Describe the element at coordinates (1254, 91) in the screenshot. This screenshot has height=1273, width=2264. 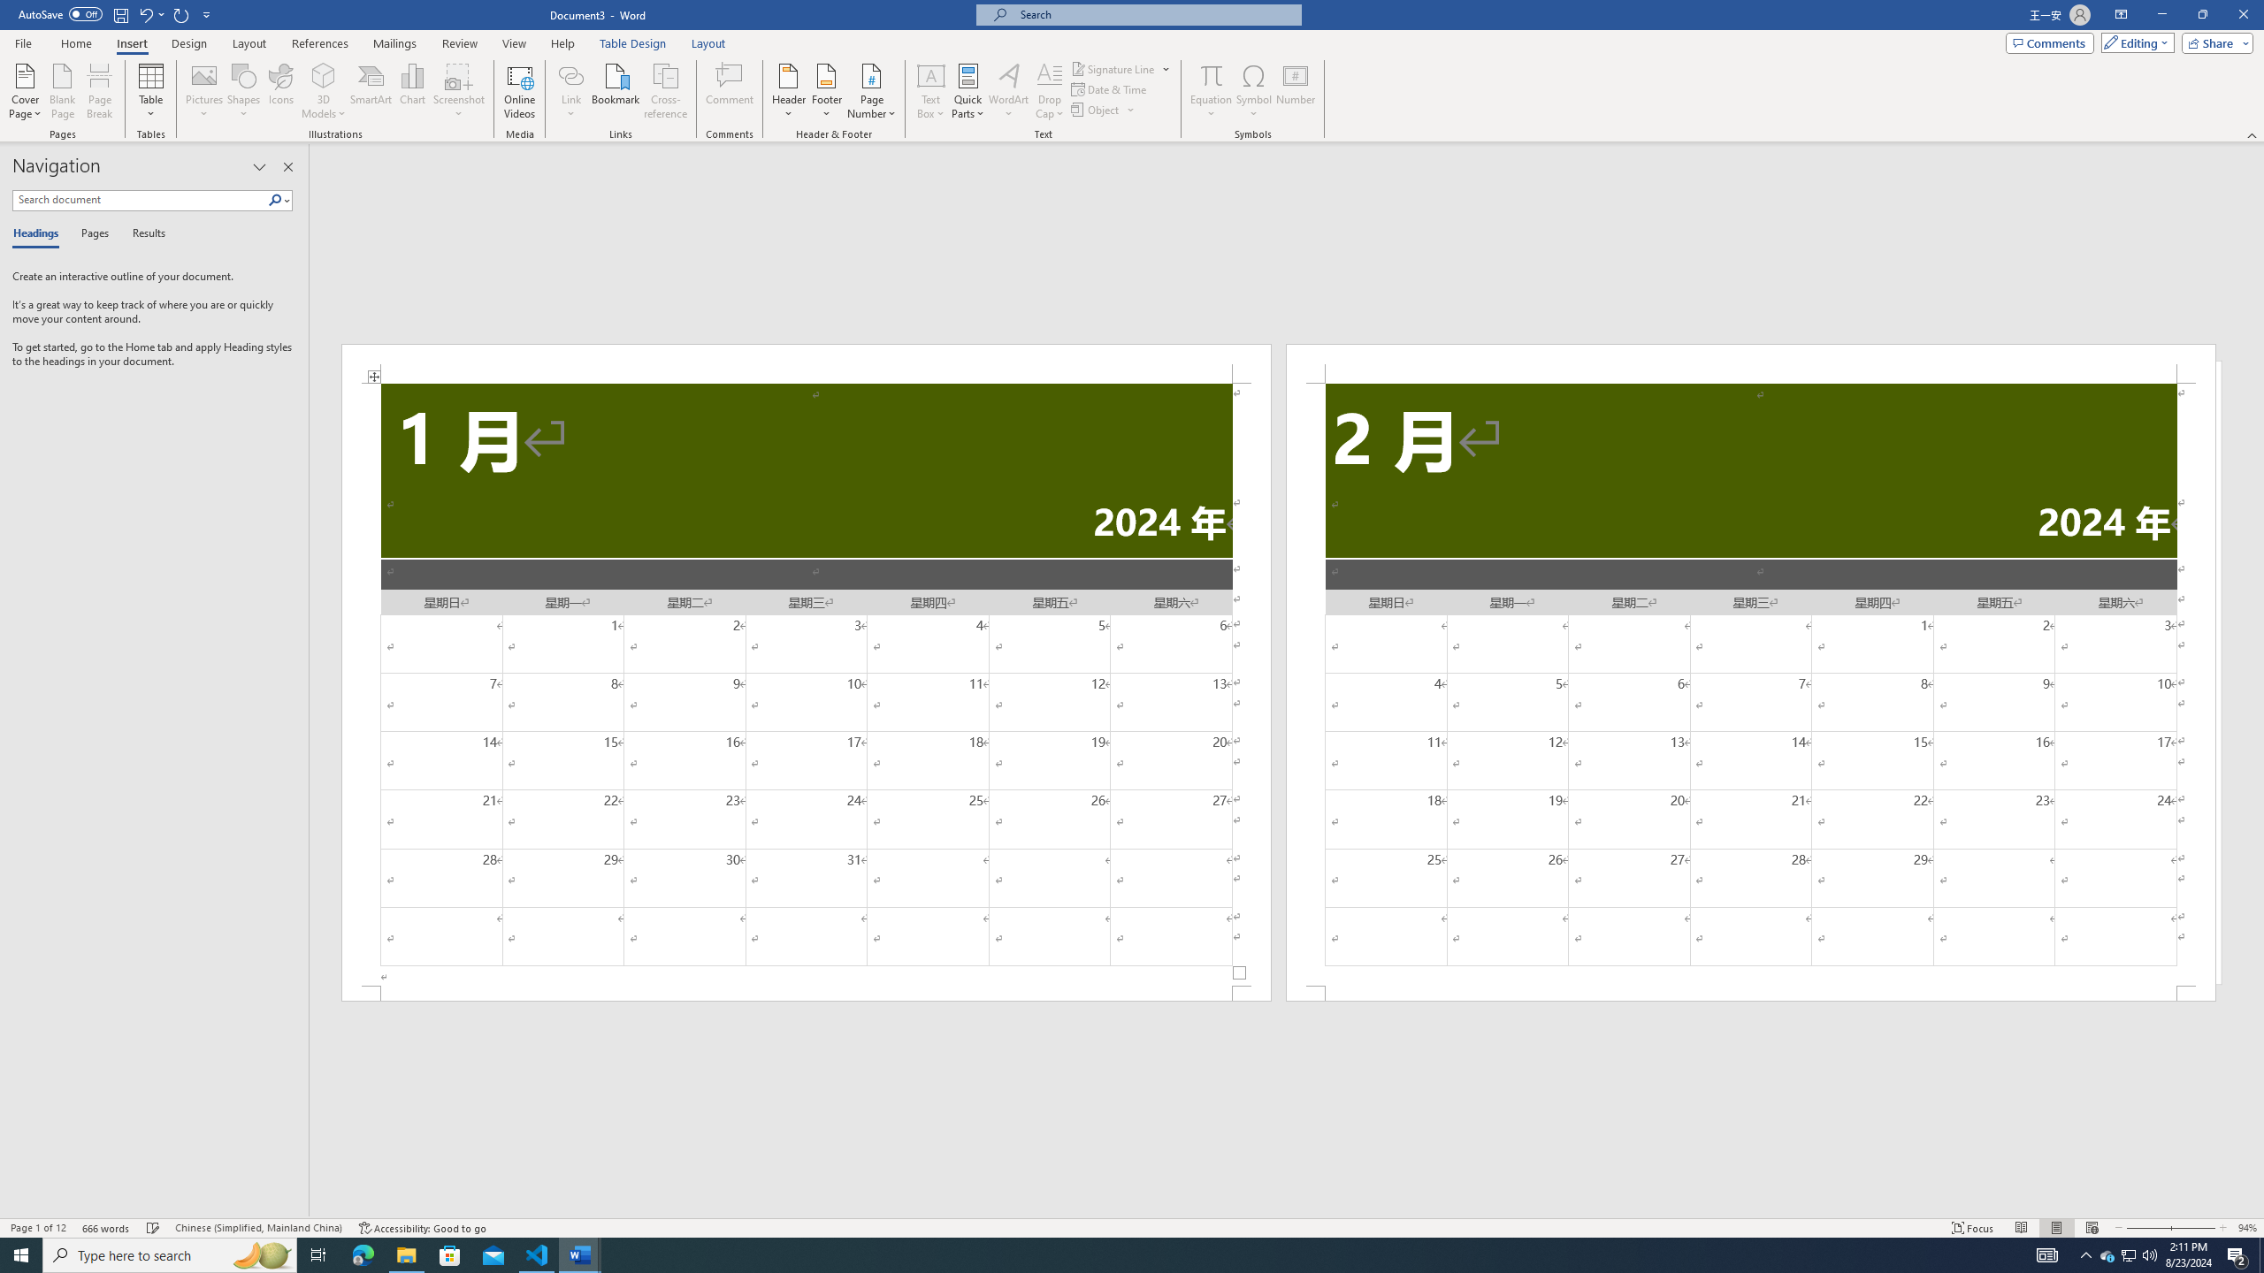
I see `'Symbol'` at that location.